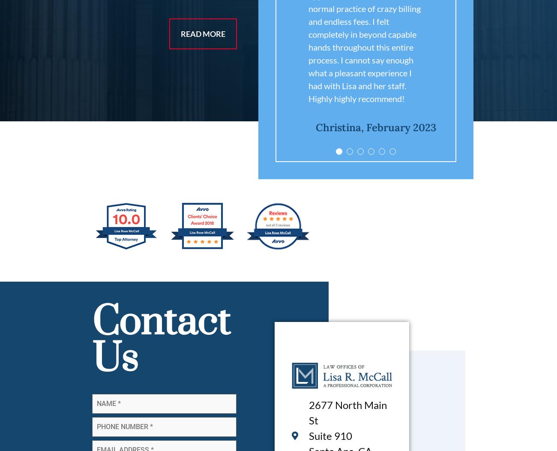 This screenshot has width=557, height=451. What do you see at coordinates (417, 153) in the screenshot?
I see `'2'` at bounding box center [417, 153].